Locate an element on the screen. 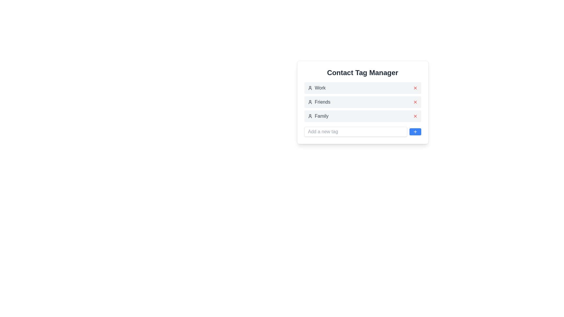 The height and width of the screenshot is (317, 564). the user silhouette icon located to the immediate left of the 'Family' label in the 'Contact Tag Manager' section is located at coordinates (310, 116).